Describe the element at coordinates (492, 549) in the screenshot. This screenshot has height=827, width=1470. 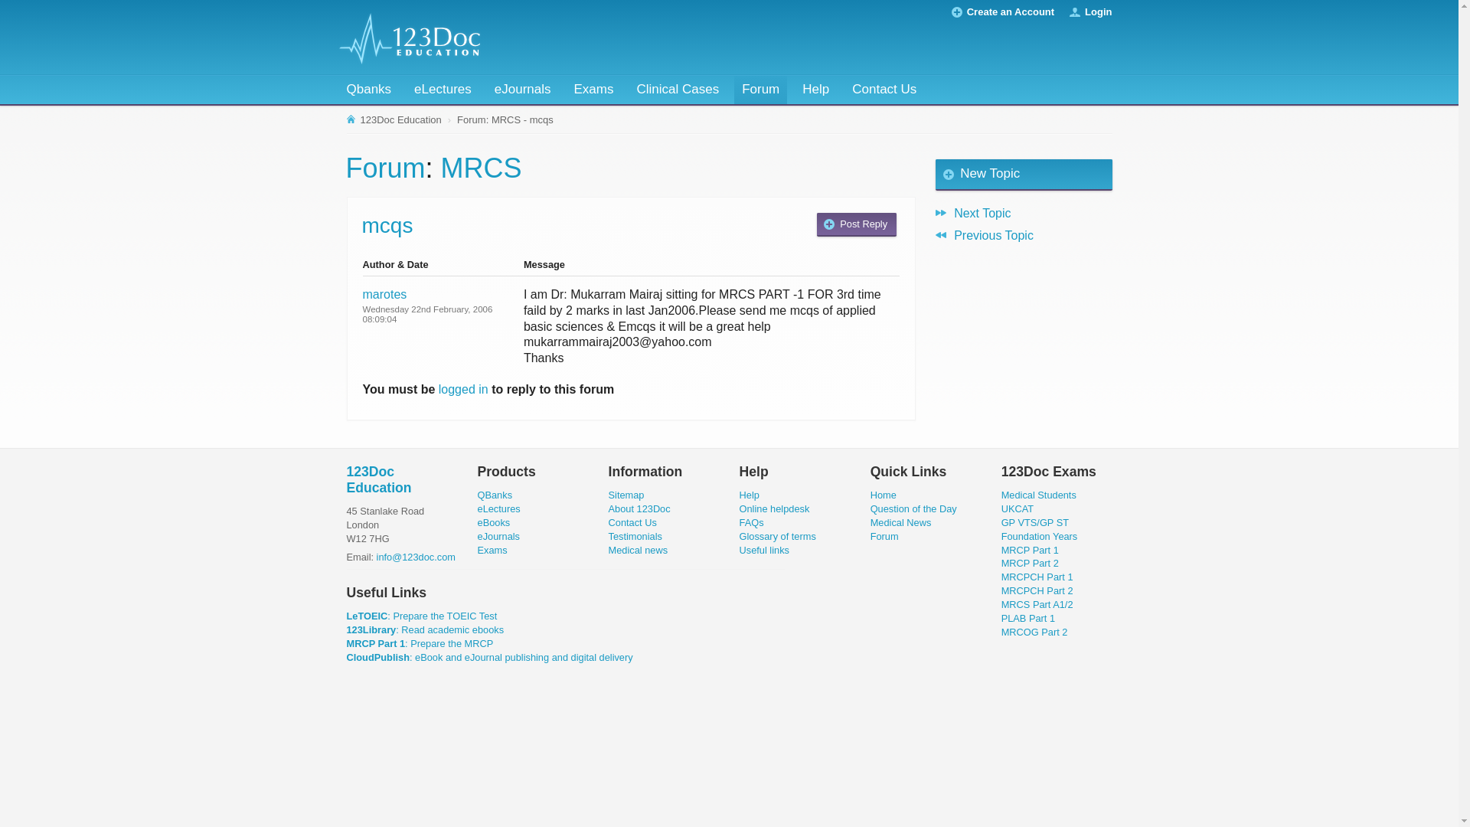
I see `'Exams'` at that location.